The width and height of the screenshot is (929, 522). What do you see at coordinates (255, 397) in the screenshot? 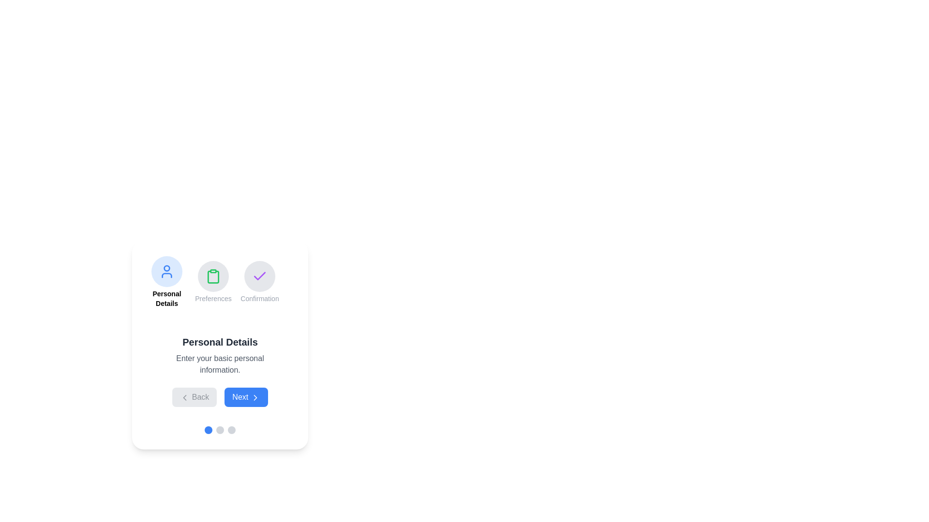
I see `the 'Next' button which contains a small right-pointing chevron icon` at bounding box center [255, 397].